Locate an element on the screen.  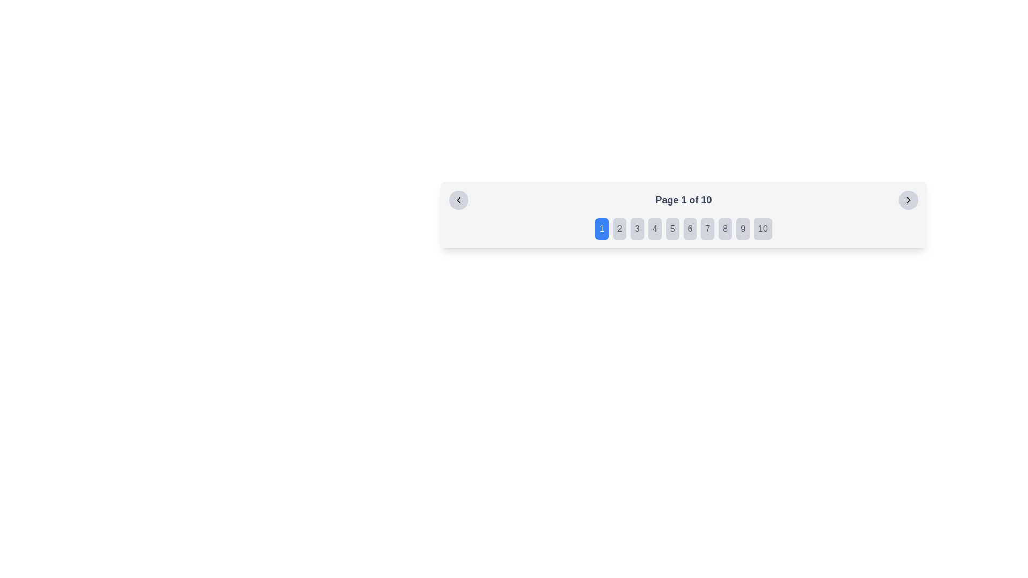
the pagination button located at the far right (10th position) of the page number buttons is located at coordinates (762, 229).